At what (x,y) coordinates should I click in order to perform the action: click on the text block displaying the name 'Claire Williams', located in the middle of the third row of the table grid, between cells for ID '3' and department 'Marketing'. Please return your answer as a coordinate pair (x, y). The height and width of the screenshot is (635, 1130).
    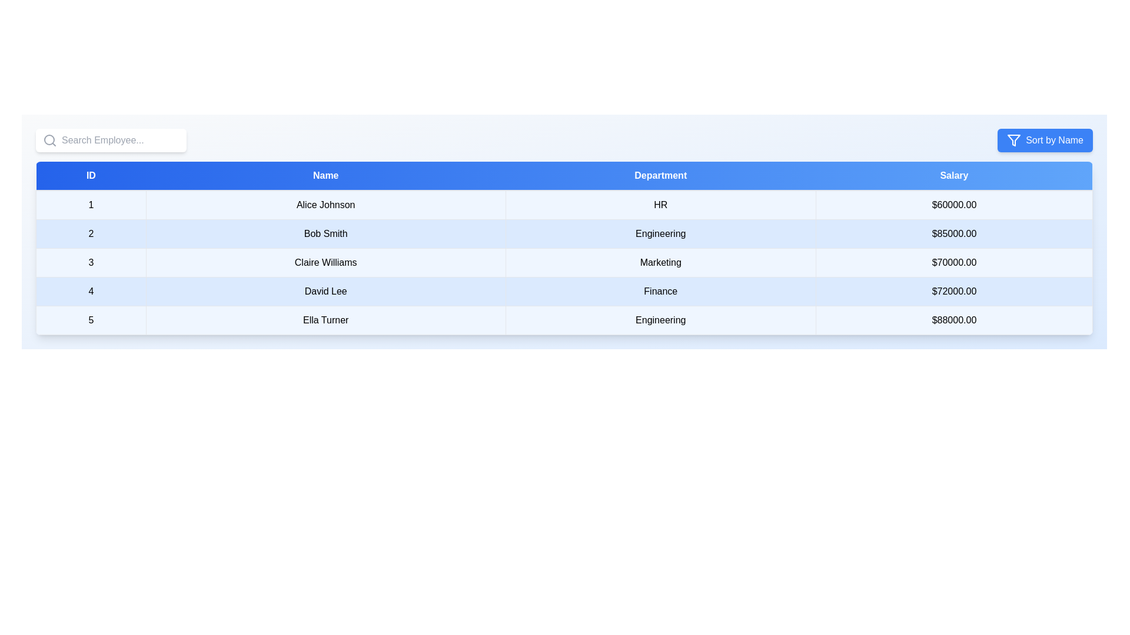
    Looking at the image, I should click on (325, 262).